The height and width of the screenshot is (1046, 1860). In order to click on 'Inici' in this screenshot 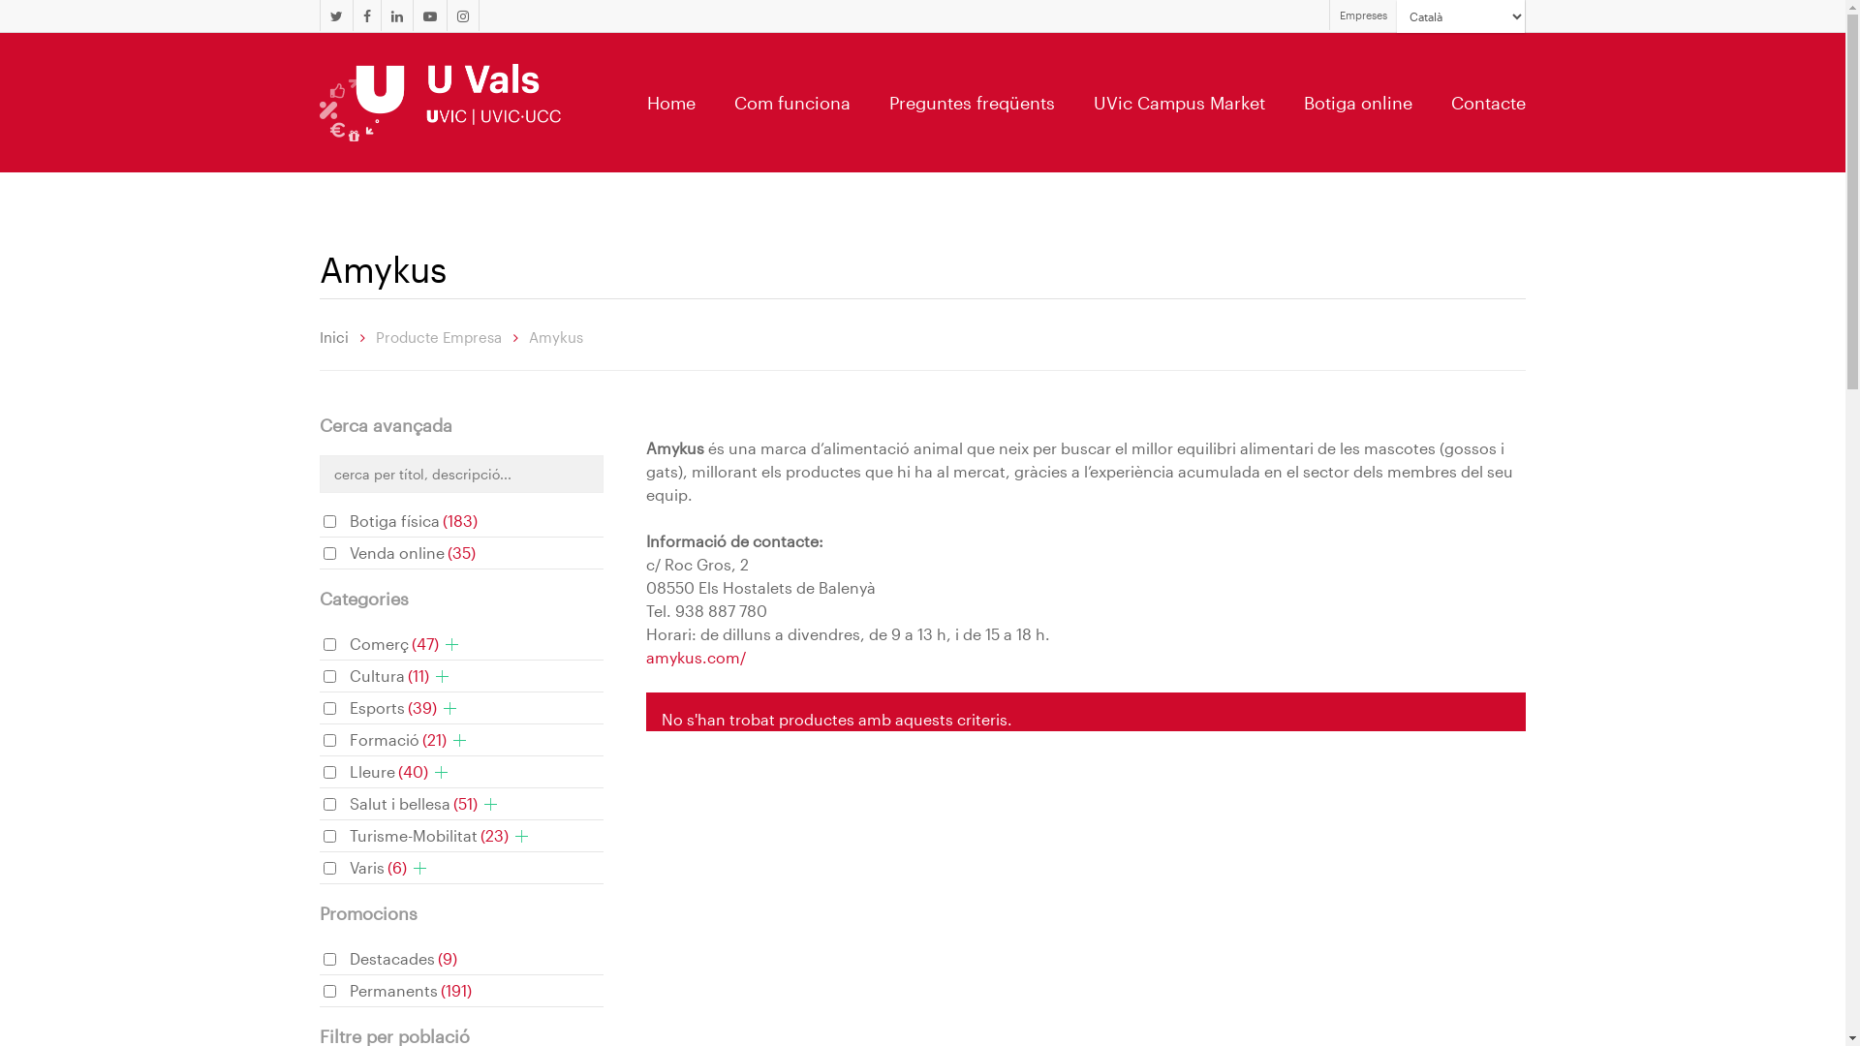, I will do `click(320, 336)`.